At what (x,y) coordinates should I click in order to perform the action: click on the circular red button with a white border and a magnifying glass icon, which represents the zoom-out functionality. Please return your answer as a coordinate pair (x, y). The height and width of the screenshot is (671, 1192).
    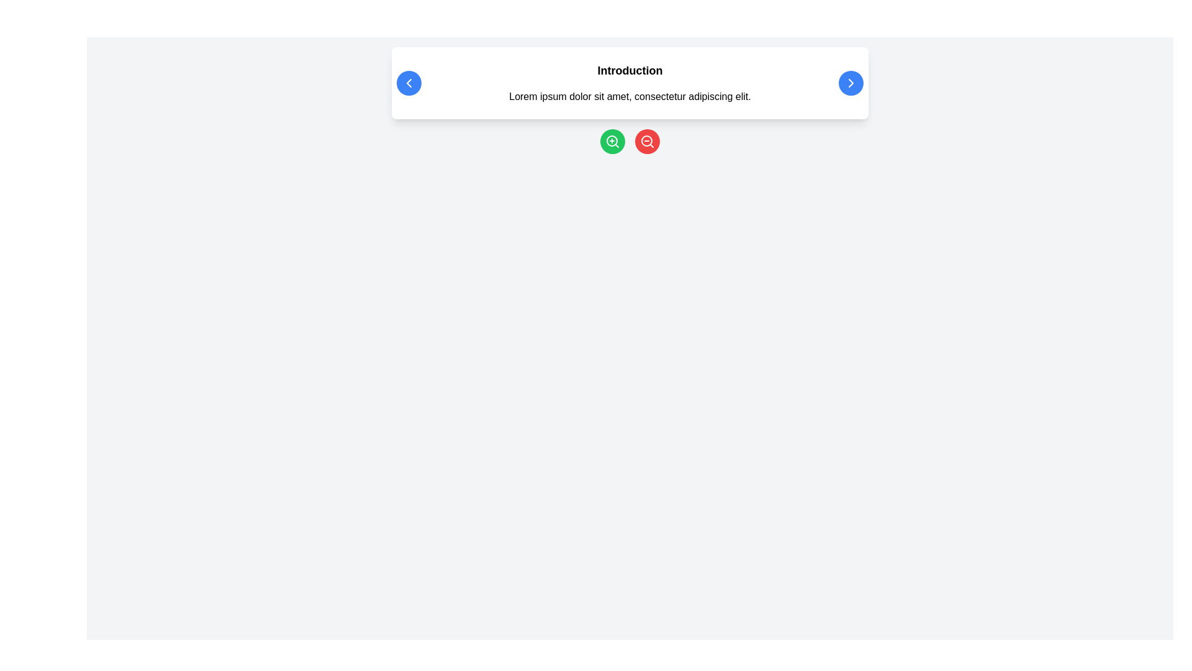
    Looking at the image, I should click on (646, 140).